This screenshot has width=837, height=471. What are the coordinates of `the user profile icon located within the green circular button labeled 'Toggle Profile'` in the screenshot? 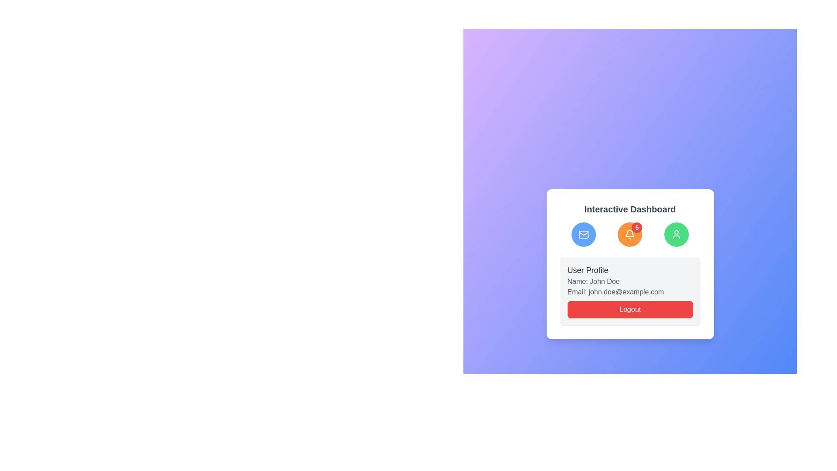 It's located at (676, 234).